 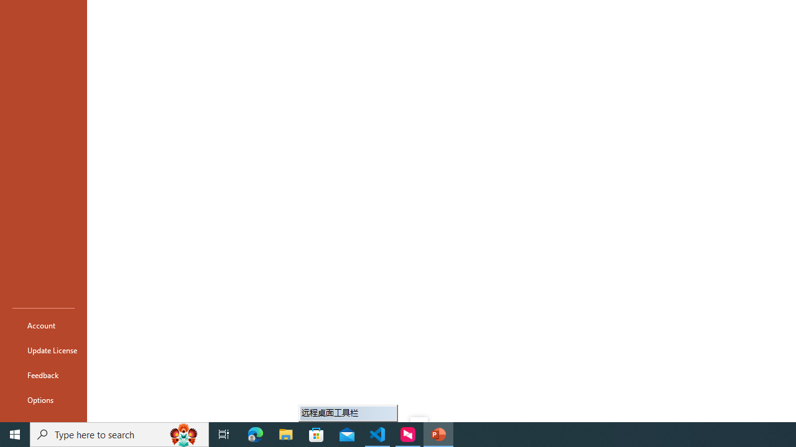 I want to click on 'Update License', so click(x=43, y=350).